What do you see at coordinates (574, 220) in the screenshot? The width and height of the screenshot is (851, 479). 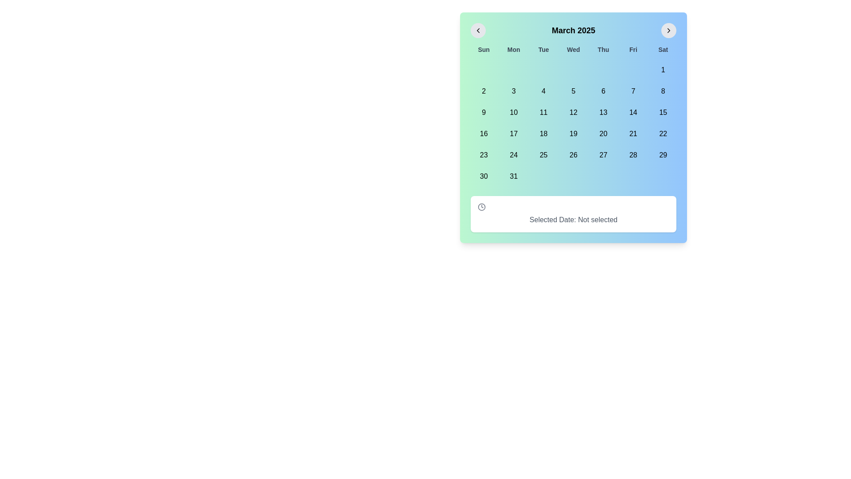 I see `the text label displaying 'Selected Date: Not selected' which is located at the bottom center of the calendar interface` at bounding box center [574, 220].